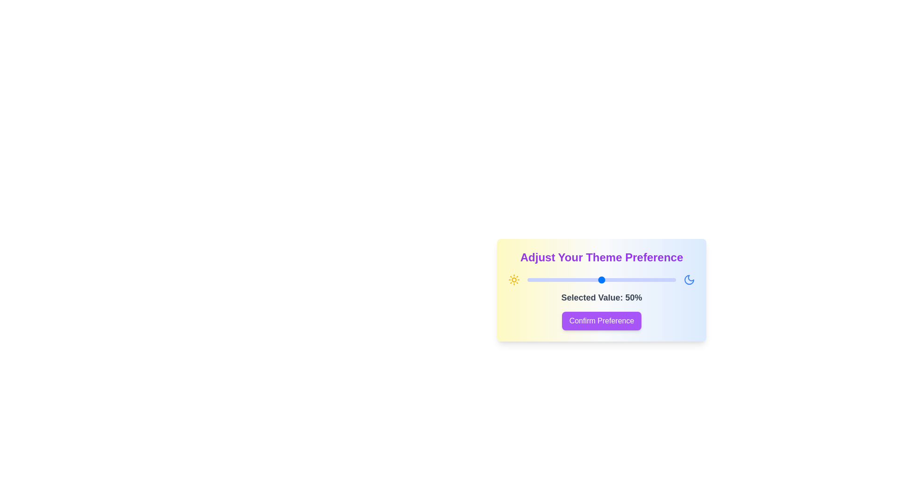  I want to click on the text label displaying 'Selected Value: 50%', which is bold and medium gray, located below the slider and above the confirmation button, so click(601, 297).